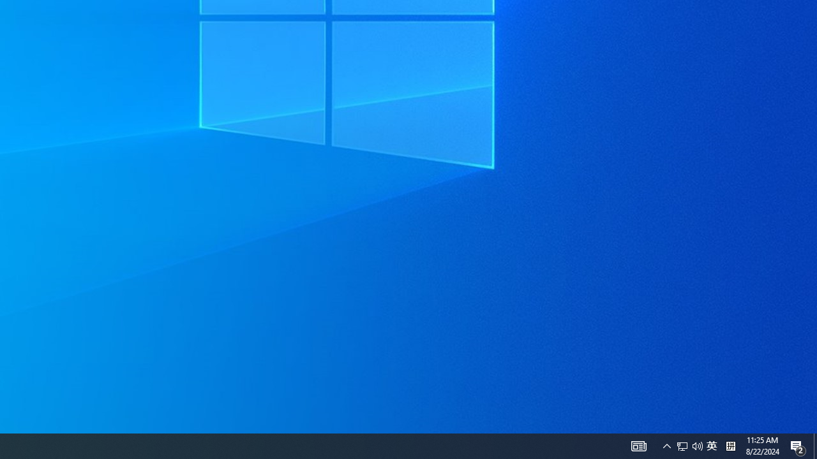 The width and height of the screenshot is (817, 459). Describe the element at coordinates (689, 445) in the screenshot. I see `'Tray Input Indicator - Chinese (Simplified, China)'` at that location.